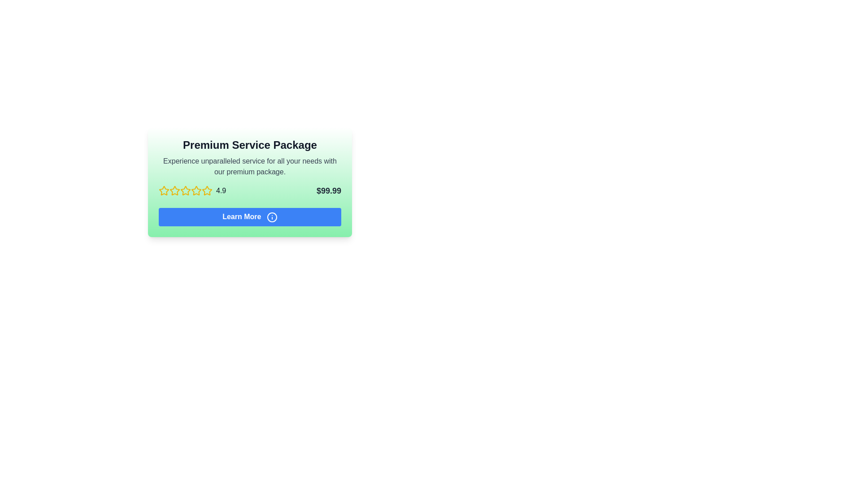 This screenshot has height=484, width=861. I want to click on the fourth yellow star icon in the rating system, which is styled with a bold outline and filled with light yellow color, so click(206, 190).